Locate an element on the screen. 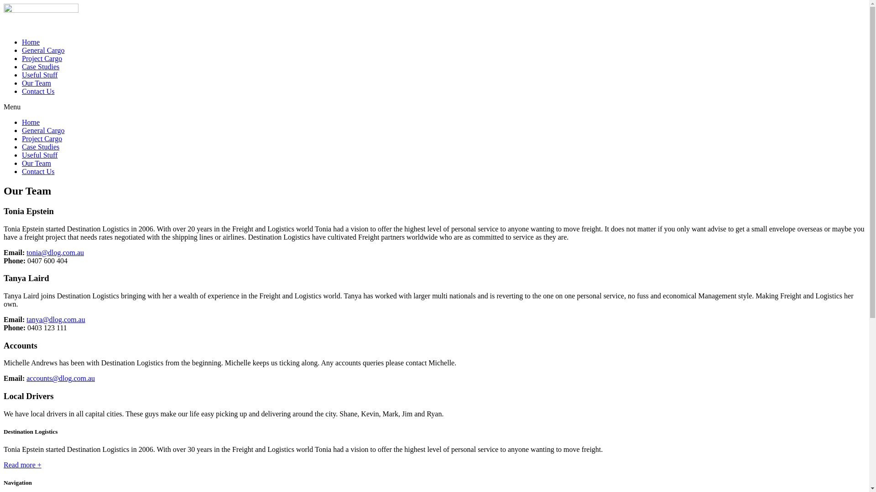 The width and height of the screenshot is (876, 492). 'Contact Us' is located at coordinates (37, 91).